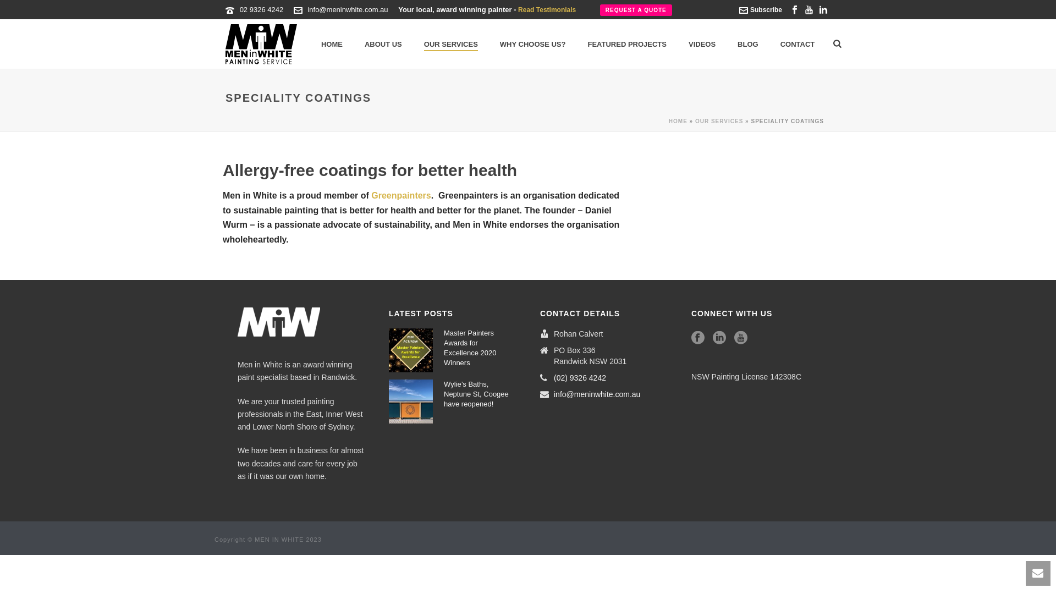  I want to click on 'FEATURED PROJECTS', so click(627, 44).